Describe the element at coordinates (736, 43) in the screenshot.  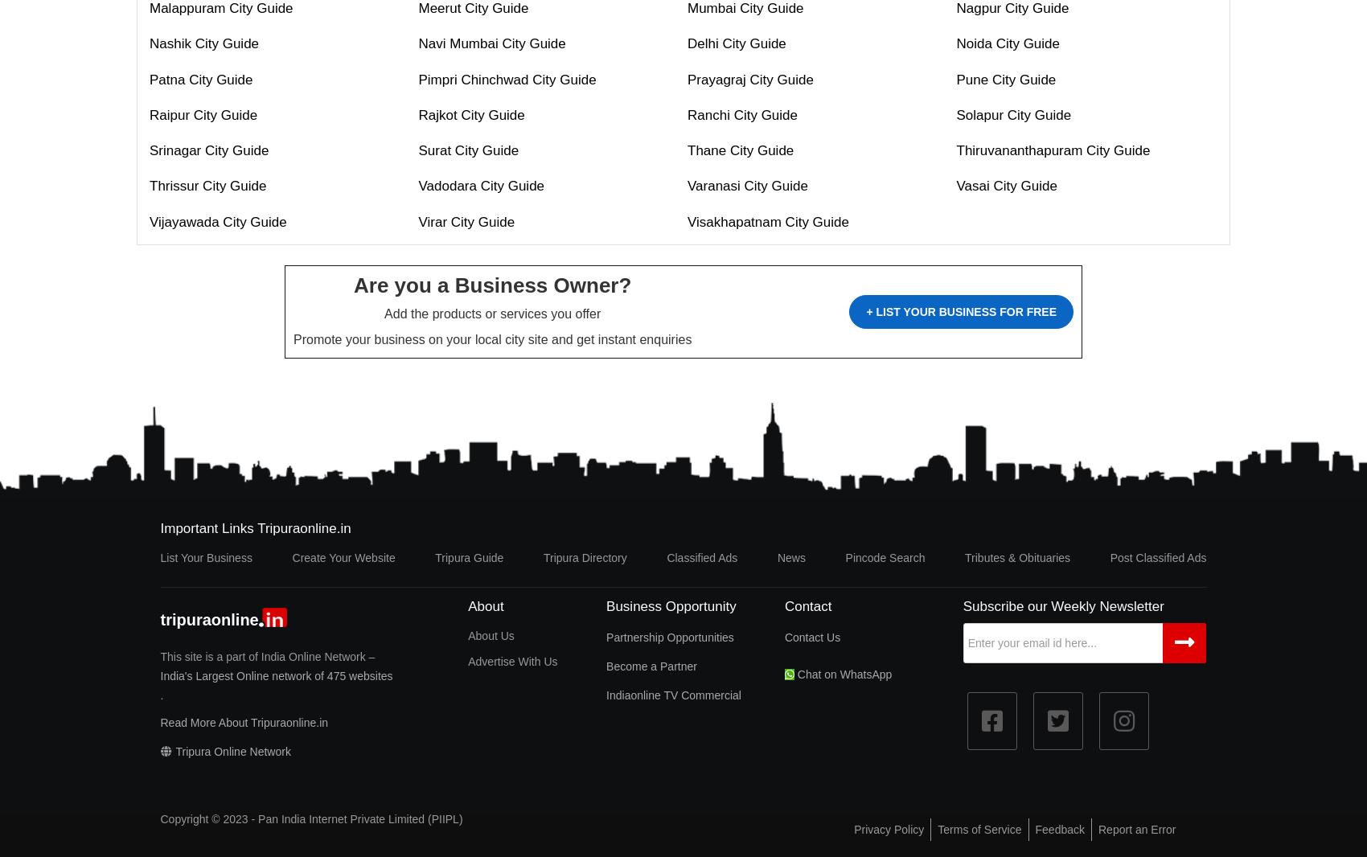
I see `'Delhi City Guide'` at that location.